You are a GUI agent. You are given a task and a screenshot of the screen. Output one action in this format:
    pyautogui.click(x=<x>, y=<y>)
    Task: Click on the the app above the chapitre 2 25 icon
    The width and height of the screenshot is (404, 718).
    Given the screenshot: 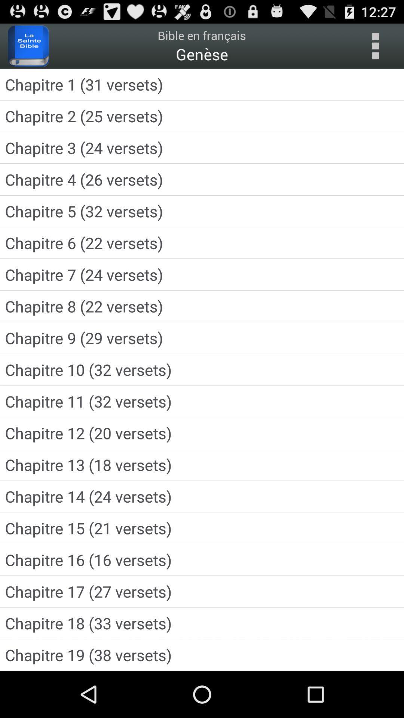 What is the action you would take?
    pyautogui.click(x=202, y=84)
    